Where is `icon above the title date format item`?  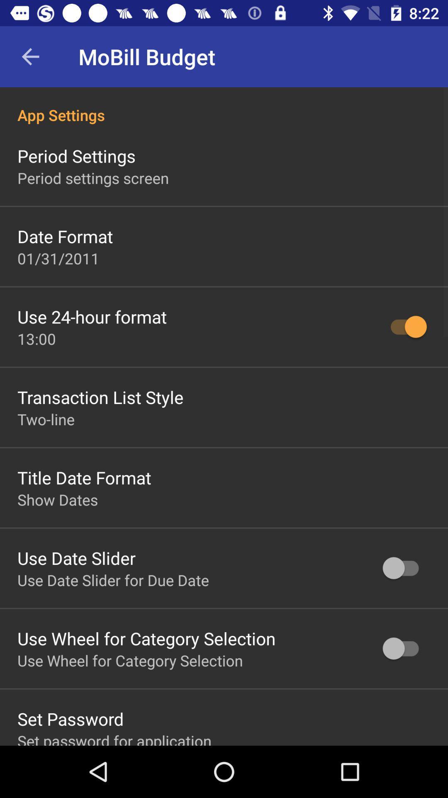
icon above the title date format item is located at coordinates (46, 419).